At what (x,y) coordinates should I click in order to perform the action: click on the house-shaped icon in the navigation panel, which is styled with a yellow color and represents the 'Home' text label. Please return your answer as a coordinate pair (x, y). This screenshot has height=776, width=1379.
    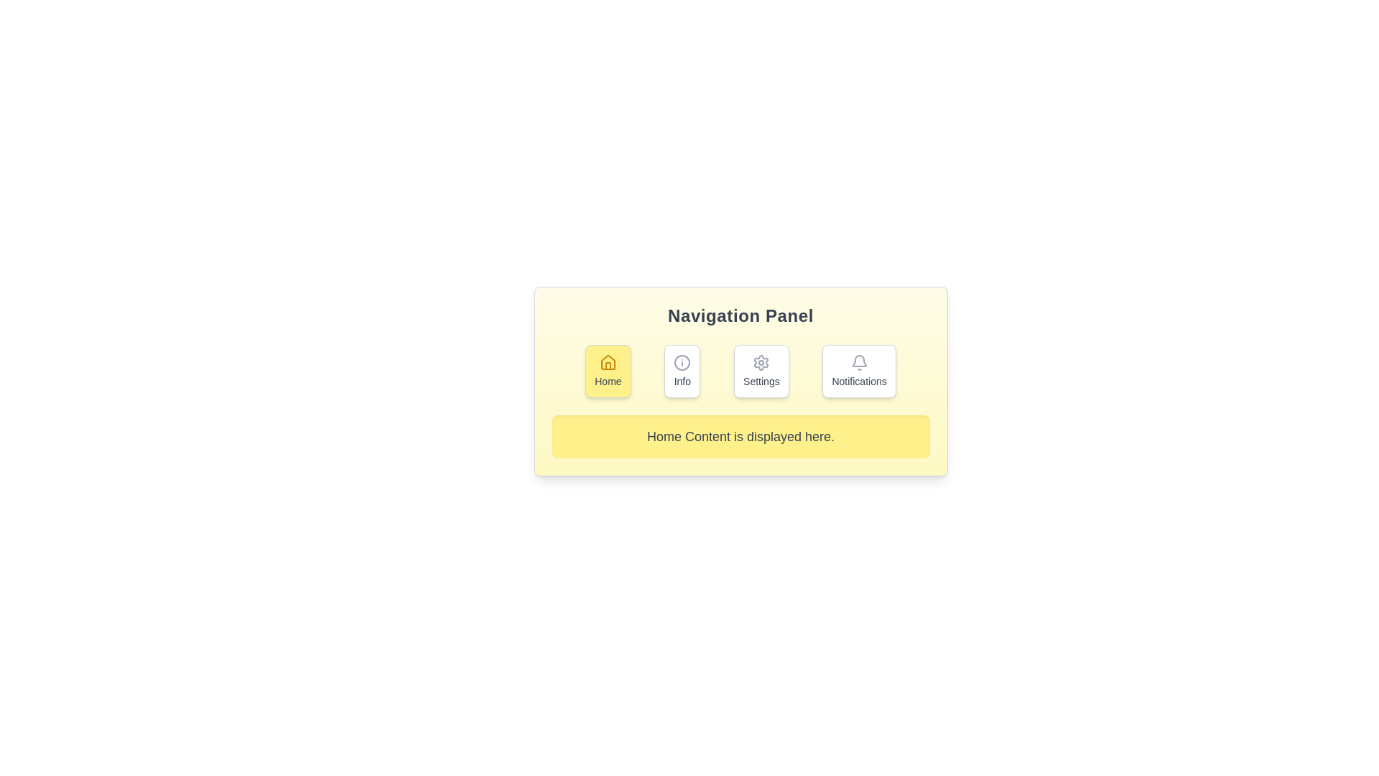
    Looking at the image, I should click on (608, 362).